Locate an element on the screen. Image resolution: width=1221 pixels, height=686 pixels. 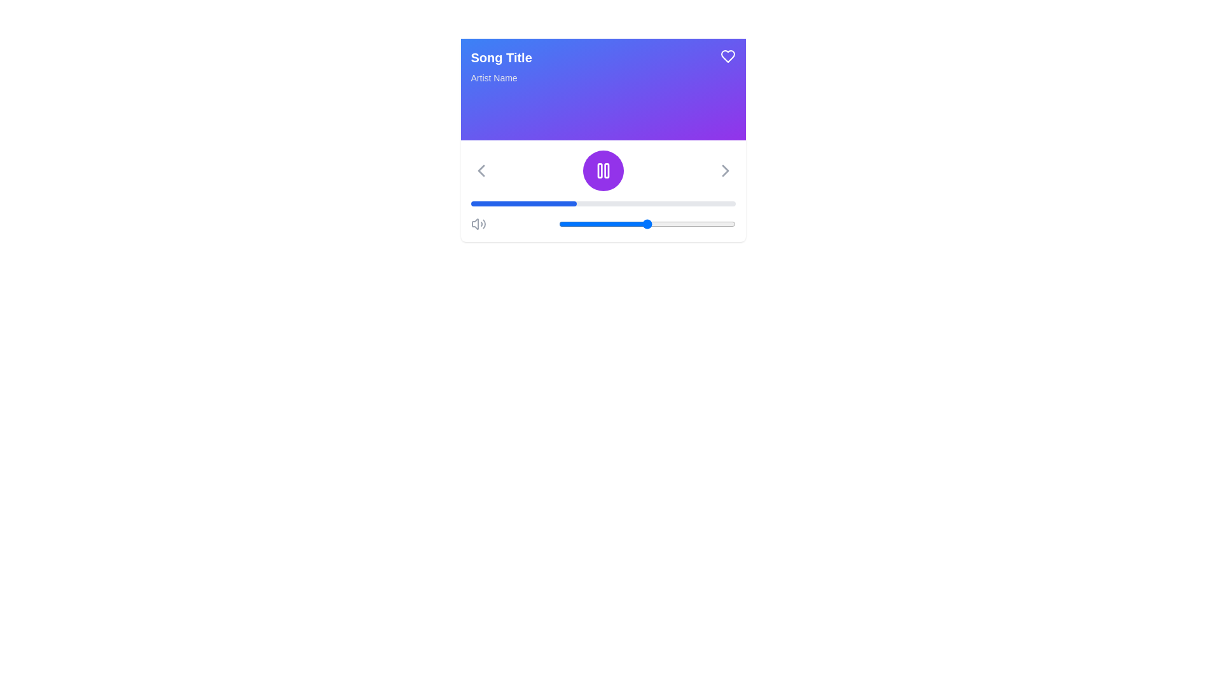
volume is located at coordinates (694, 224).